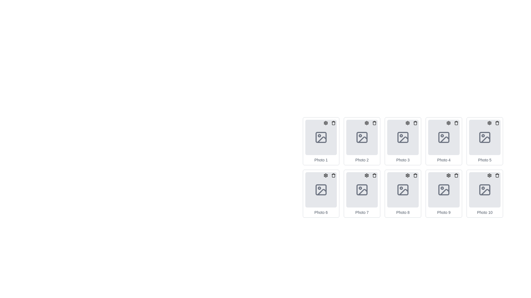 The width and height of the screenshot is (531, 298). What do you see at coordinates (333, 123) in the screenshot?
I see `the delete button located at the top-right of the card titled 'Photo 1' in the grid layout` at bounding box center [333, 123].